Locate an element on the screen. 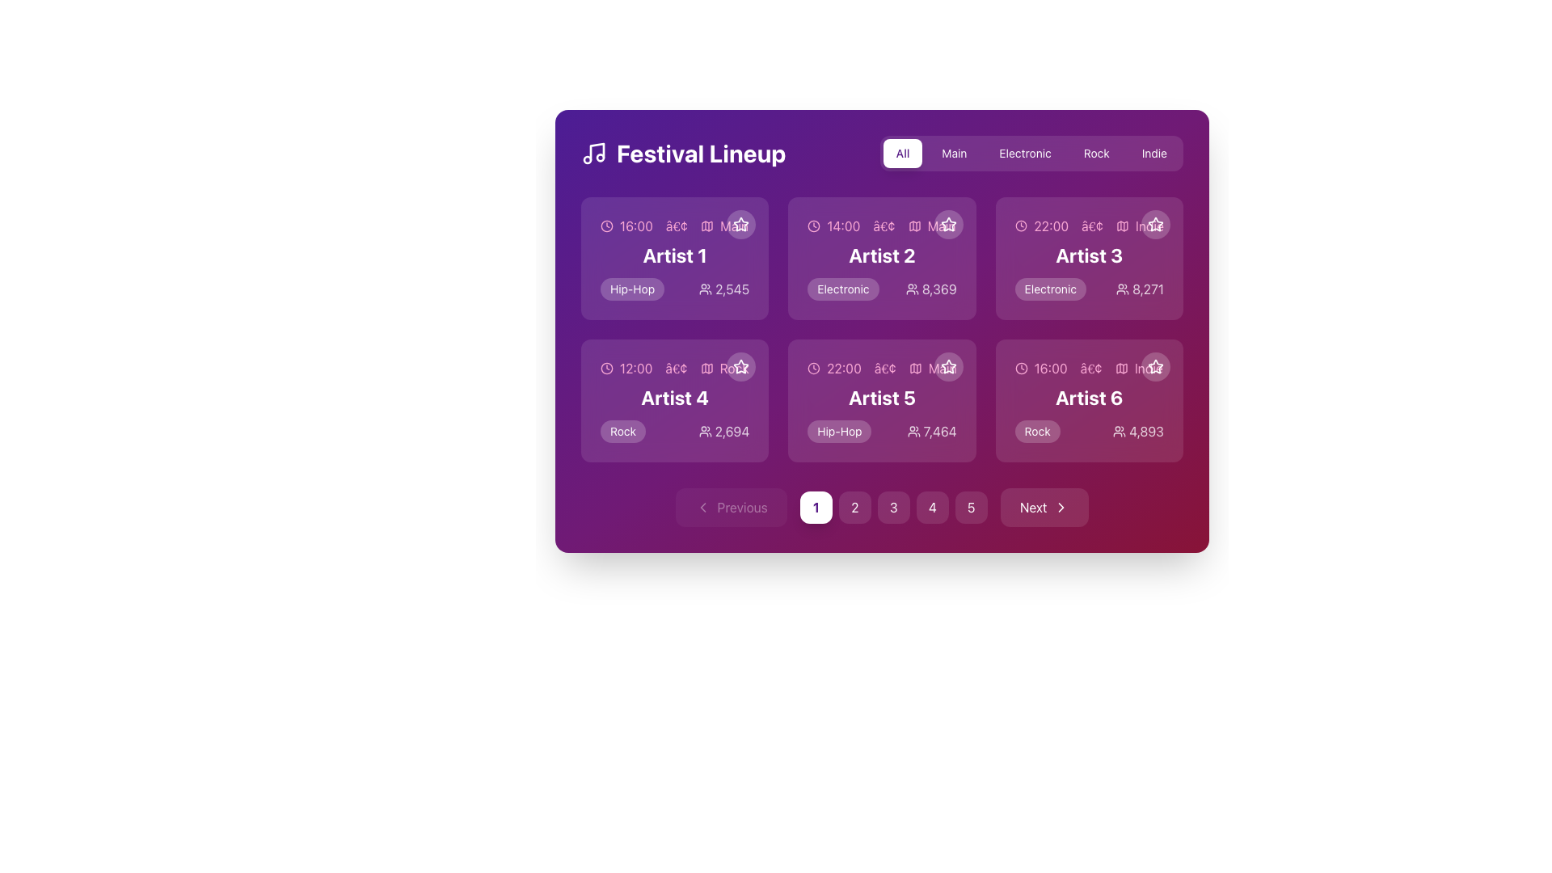  the meaning of the clock icon located in the 'Artist 5' card, positioned to the left of the text '22:00' is located at coordinates (814, 368).